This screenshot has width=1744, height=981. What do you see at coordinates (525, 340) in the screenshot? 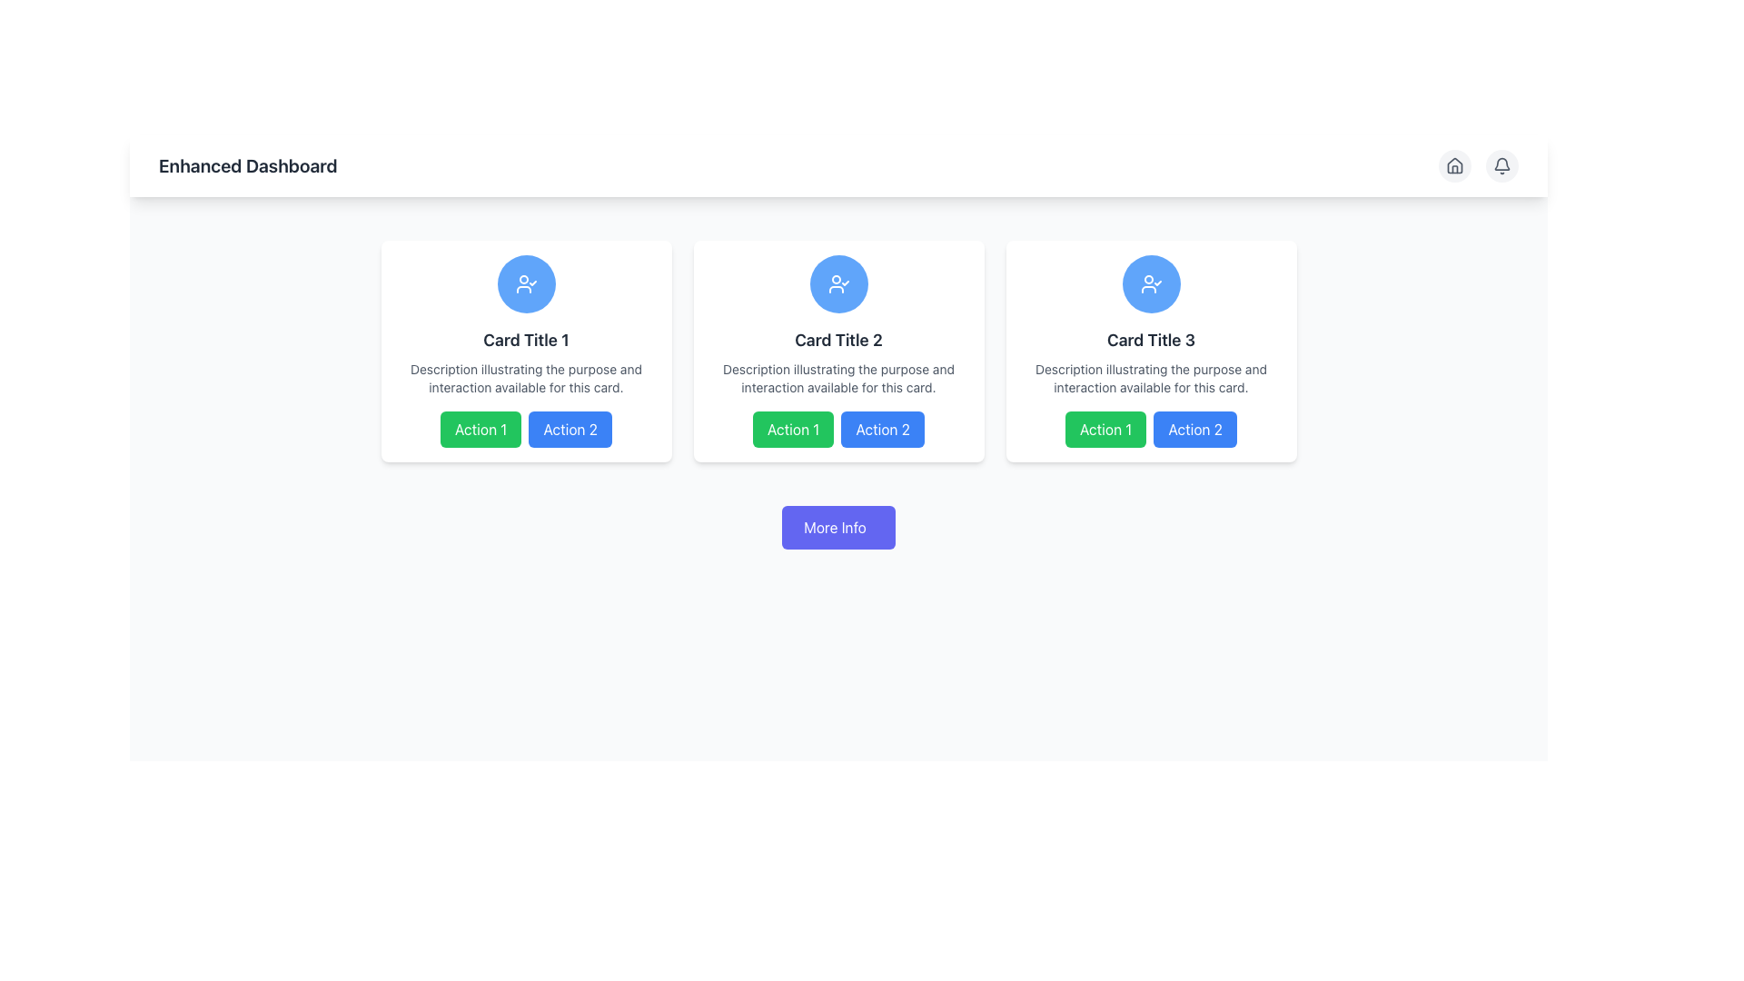
I see `title text label of the first card located centrally below the circular icon in the top-left card of the three-card layout` at bounding box center [525, 340].